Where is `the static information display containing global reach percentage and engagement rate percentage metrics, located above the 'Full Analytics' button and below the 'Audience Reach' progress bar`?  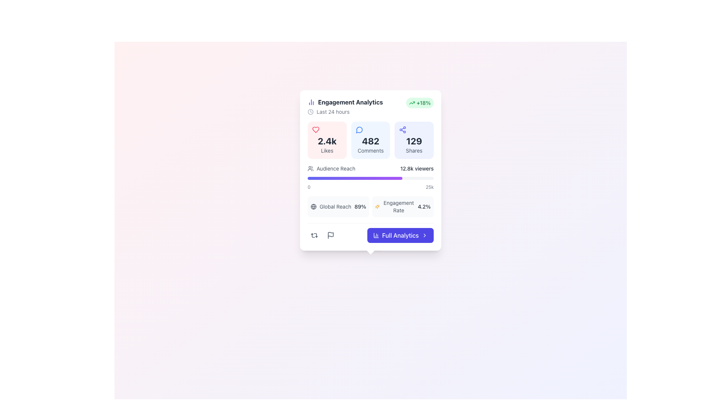 the static information display containing global reach percentage and engagement rate percentage metrics, located above the 'Full Analytics' button and below the 'Audience Reach' progress bar is located at coordinates (370, 207).